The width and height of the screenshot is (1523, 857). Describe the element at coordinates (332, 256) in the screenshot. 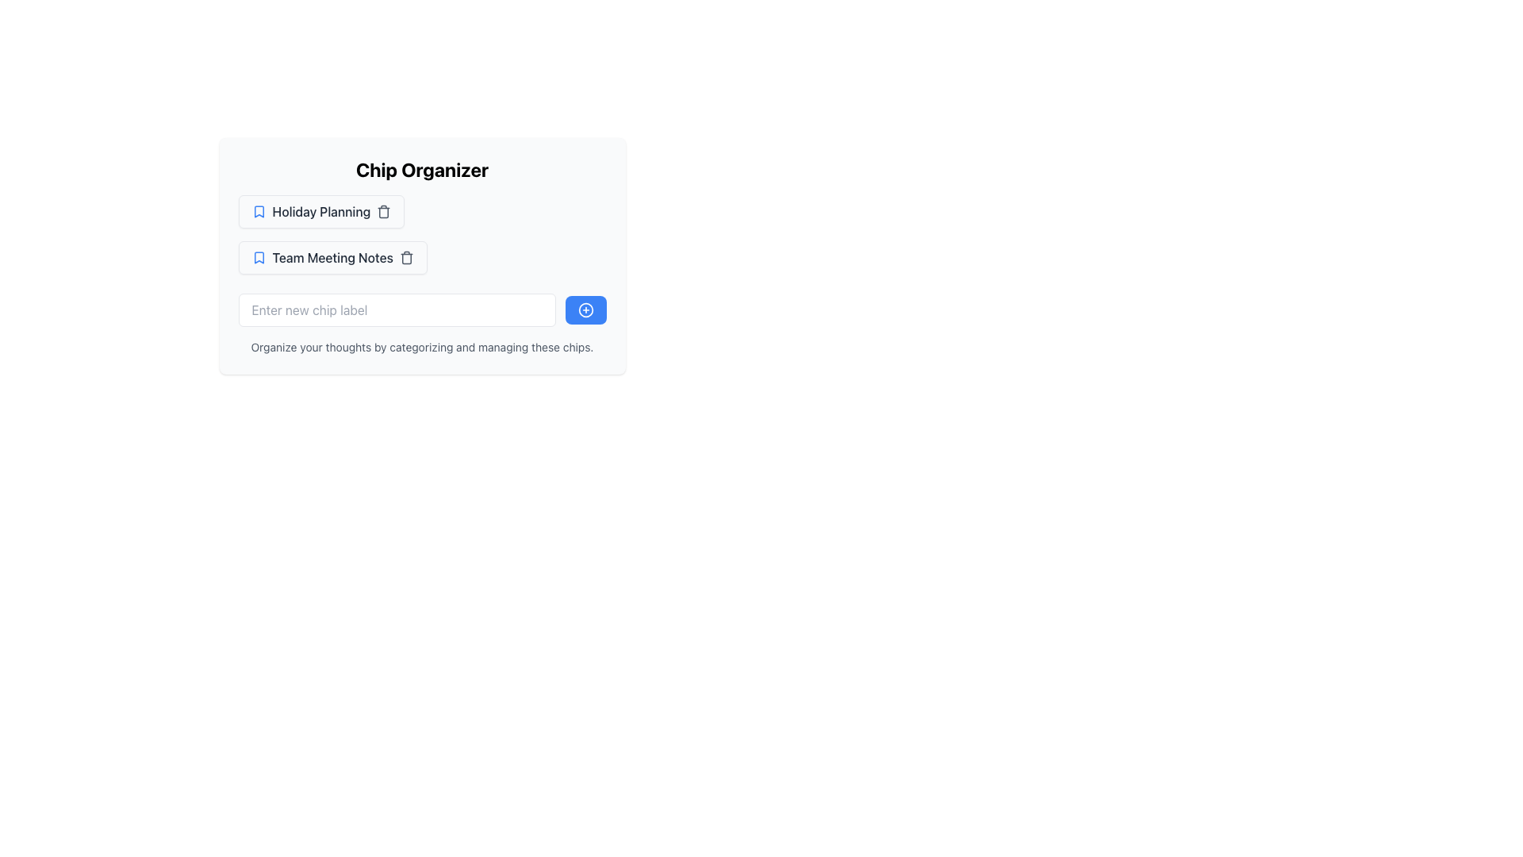

I see `the button labeled 'Team Meeting Notes', which features a bookmark icon on the left and a delete icon on the right` at that location.